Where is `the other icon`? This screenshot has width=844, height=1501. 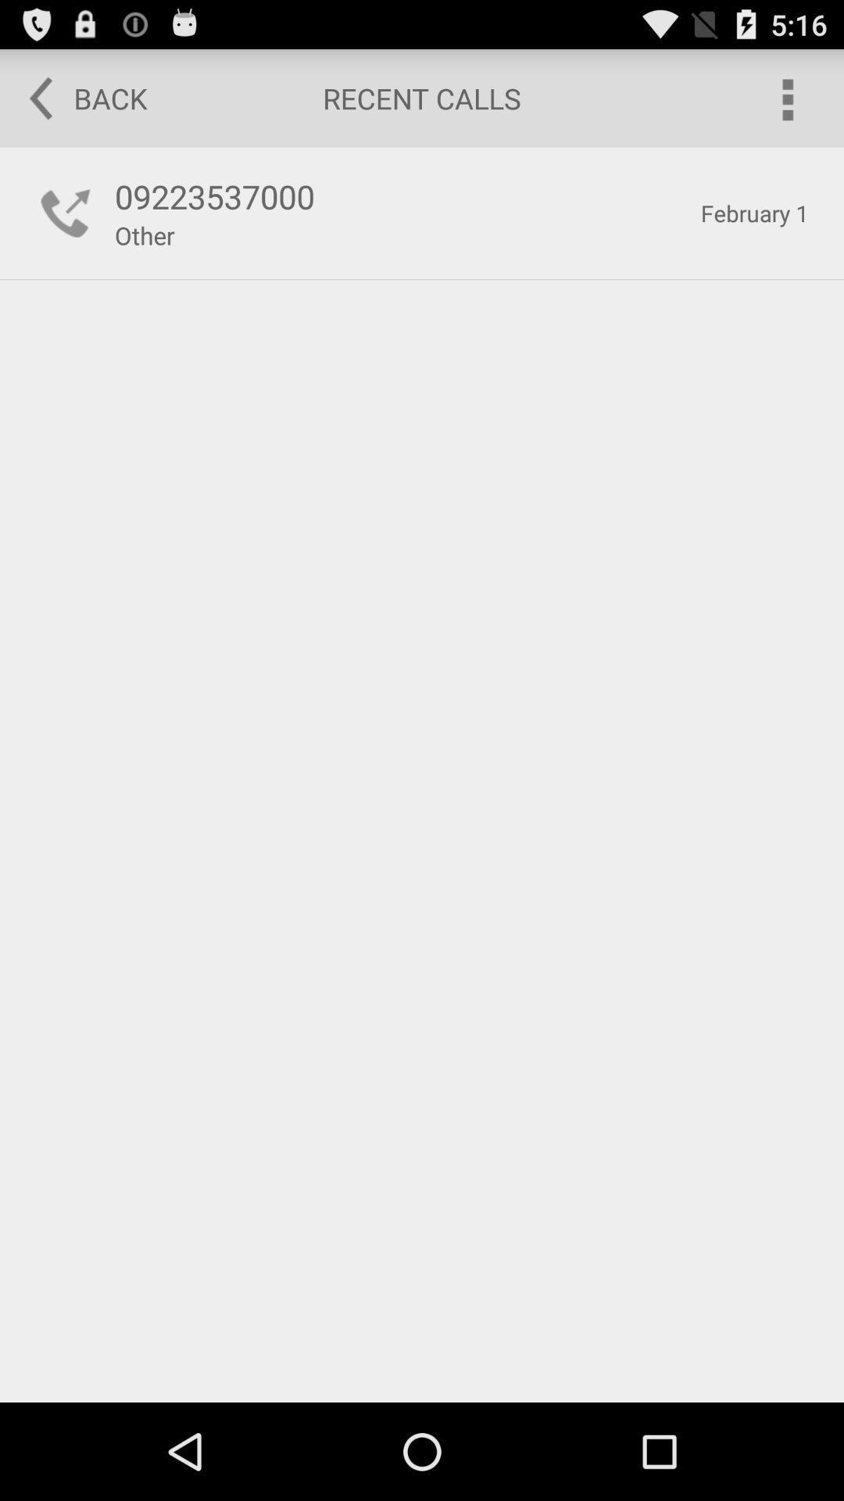 the other icon is located at coordinates (145, 235).